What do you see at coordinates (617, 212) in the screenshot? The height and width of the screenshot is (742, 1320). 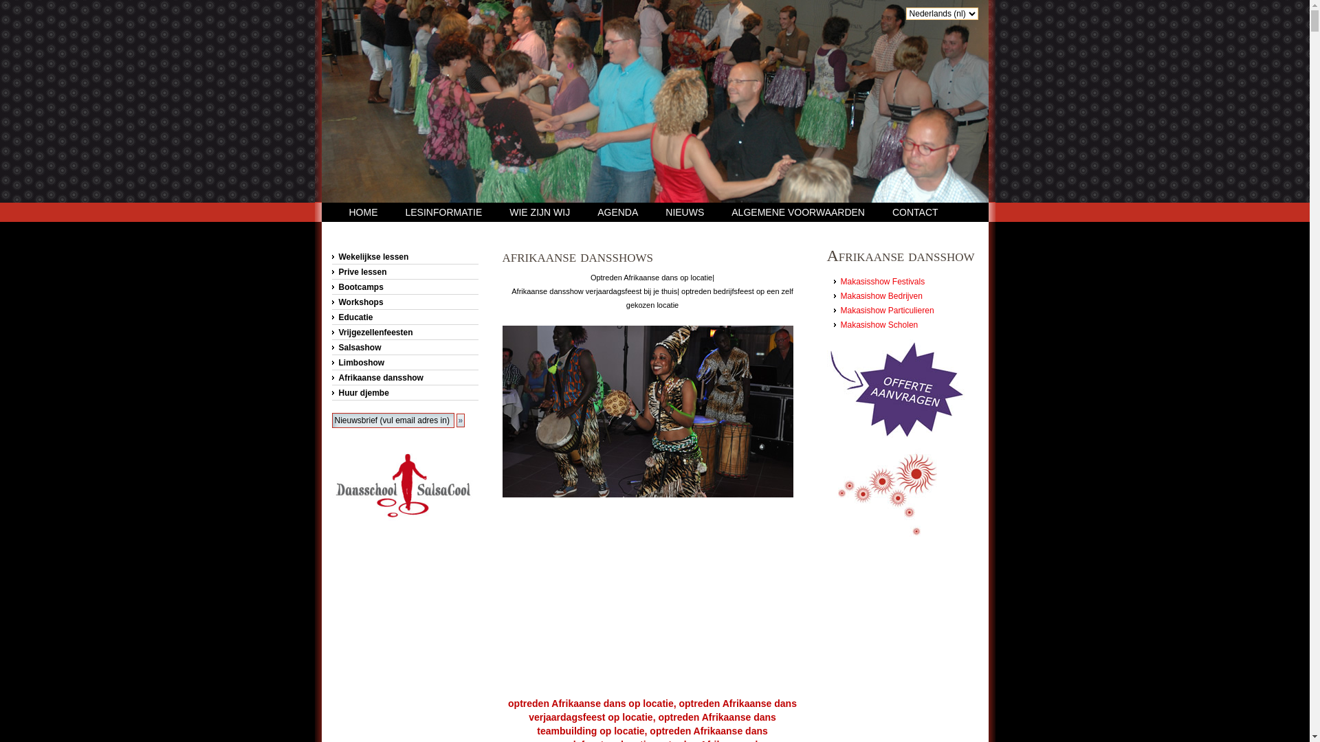 I see `'AGENDA'` at bounding box center [617, 212].